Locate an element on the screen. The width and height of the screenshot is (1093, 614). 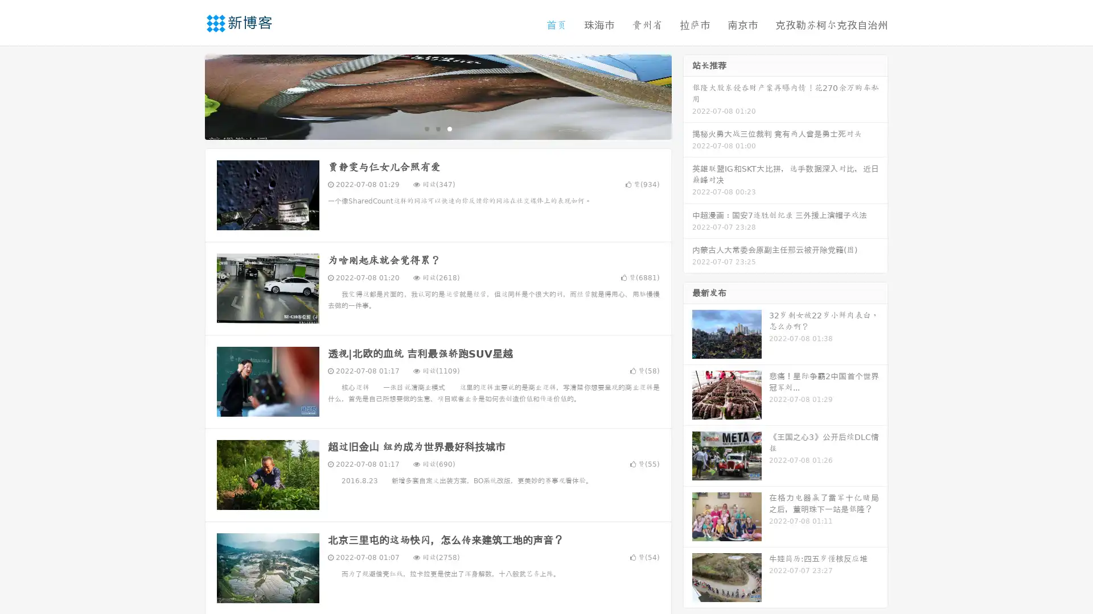
Next slide is located at coordinates (688, 96).